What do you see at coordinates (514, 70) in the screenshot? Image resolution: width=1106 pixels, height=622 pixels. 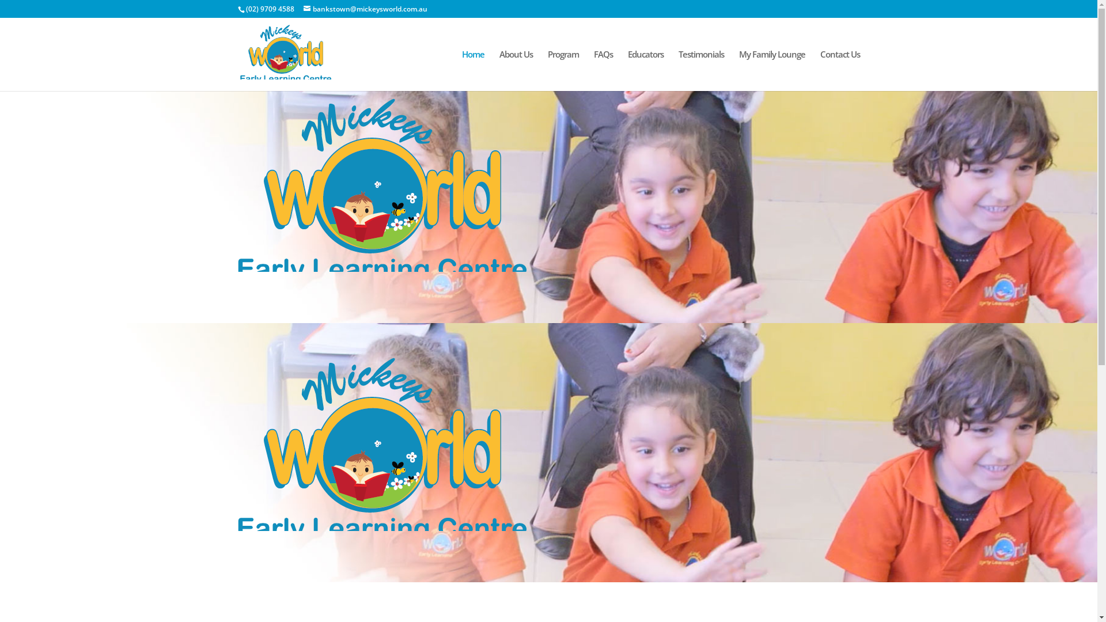 I see `'About Us'` at bounding box center [514, 70].